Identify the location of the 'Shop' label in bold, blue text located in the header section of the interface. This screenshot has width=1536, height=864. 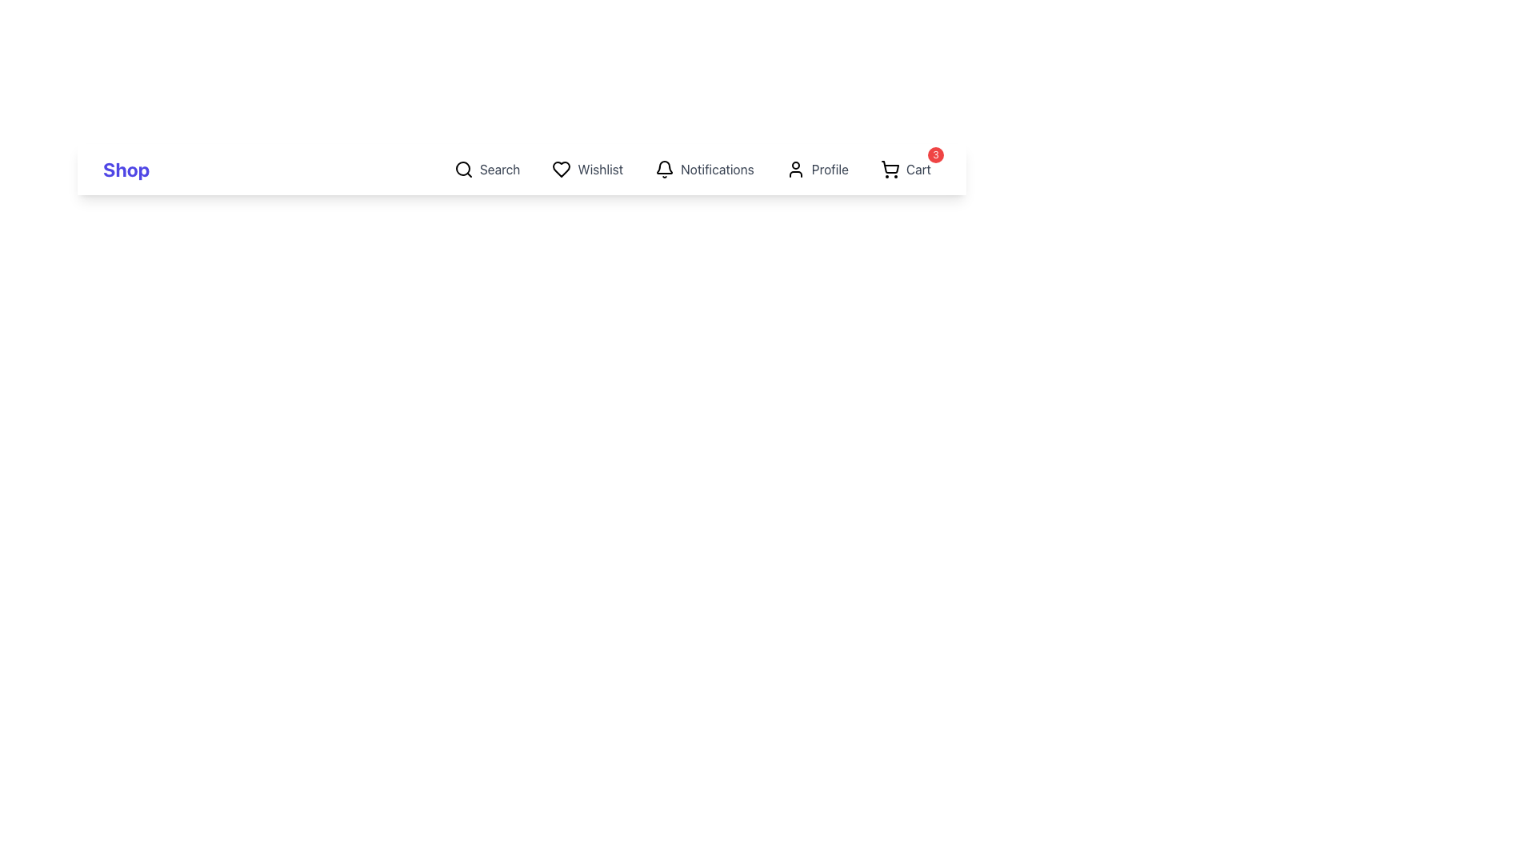
(126, 170).